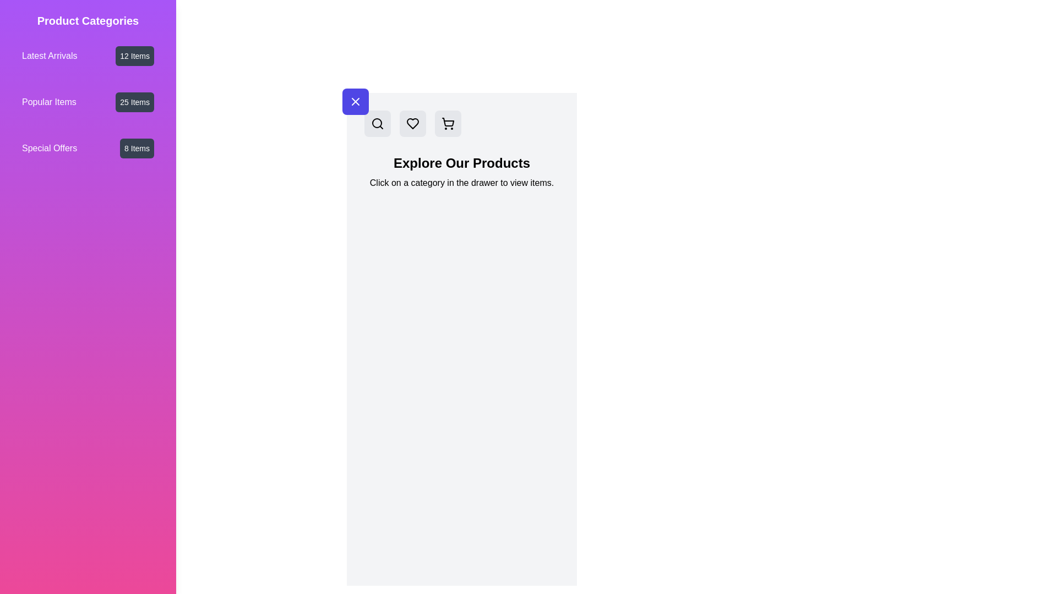  Describe the element at coordinates (448, 123) in the screenshot. I see `the shopping cart button` at that location.